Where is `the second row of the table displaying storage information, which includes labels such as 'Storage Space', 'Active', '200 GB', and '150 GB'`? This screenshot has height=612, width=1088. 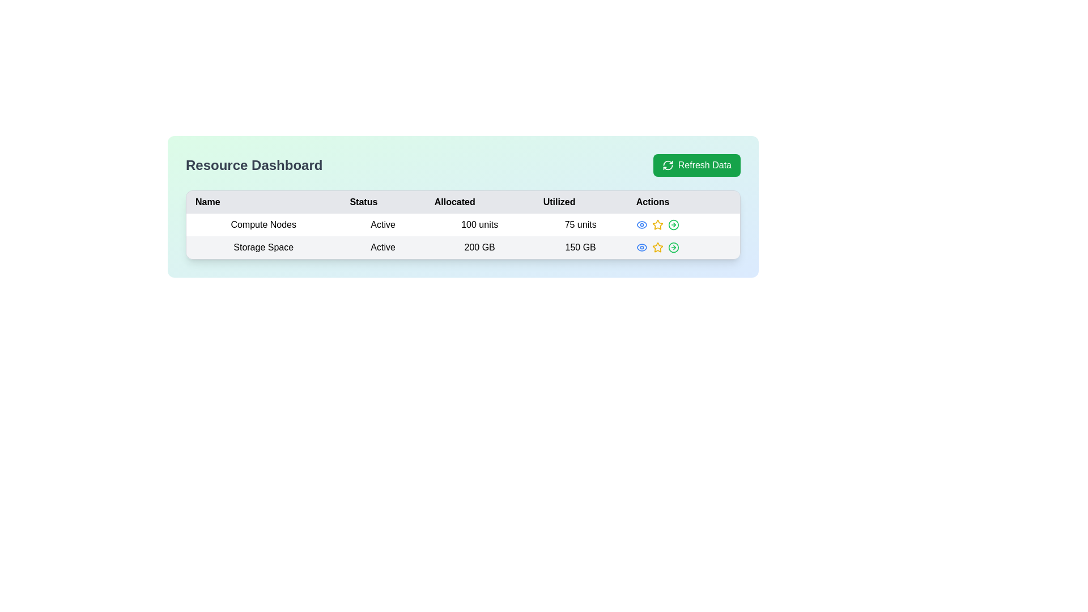
the second row of the table displaying storage information, which includes labels such as 'Storage Space', 'Active', '200 GB', and '150 GB' is located at coordinates (463, 246).